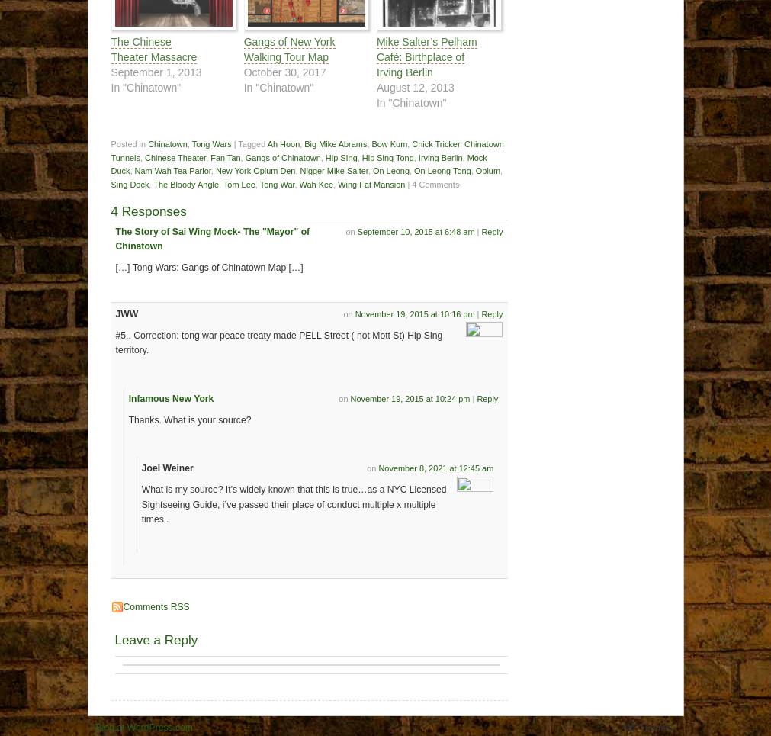 Image resolution: width=771 pixels, height=736 pixels. Describe the element at coordinates (360, 157) in the screenshot. I see `'Hip Sing Tong'` at that location.